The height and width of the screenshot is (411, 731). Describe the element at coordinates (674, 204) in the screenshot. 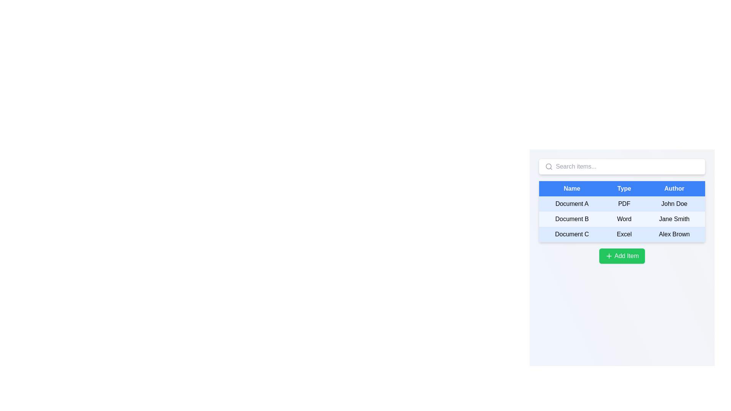

I see `the text display element that shows the author name 'John Doe' for 'Document A' in the 'Author' column of the table` at that location.